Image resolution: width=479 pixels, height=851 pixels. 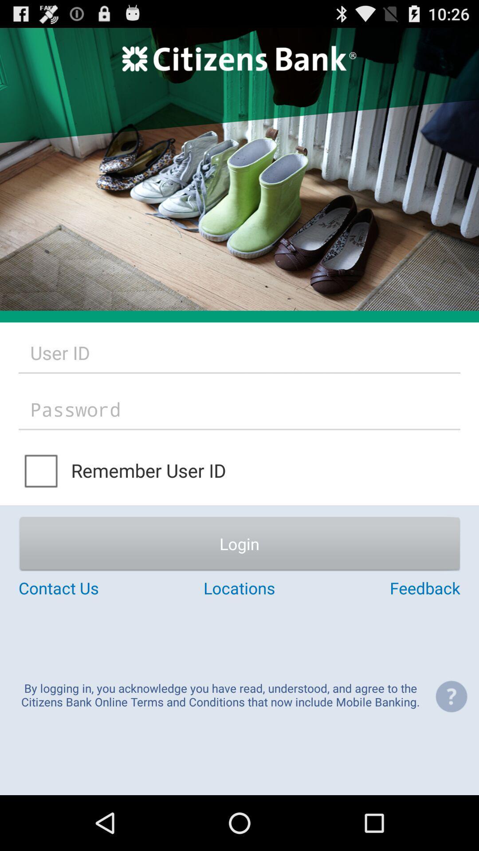 What do you see at coordinates (42, 470) in the screenshot?
I see `the app to the left of the remember user id icon` at bounding box center [42, 470].